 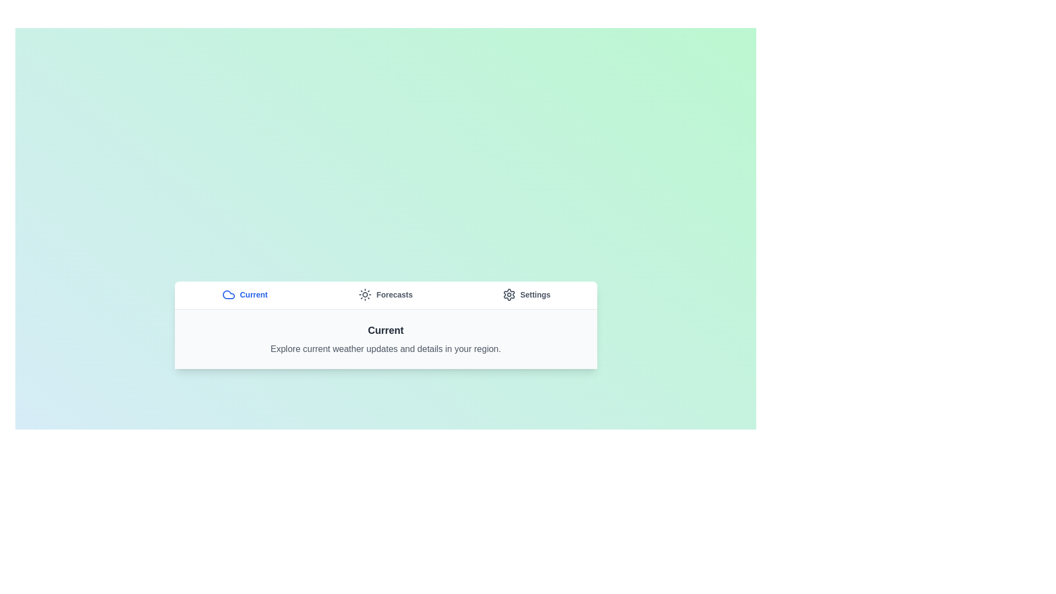 I want to click on the Settings tab, so click(x=526, y=294).